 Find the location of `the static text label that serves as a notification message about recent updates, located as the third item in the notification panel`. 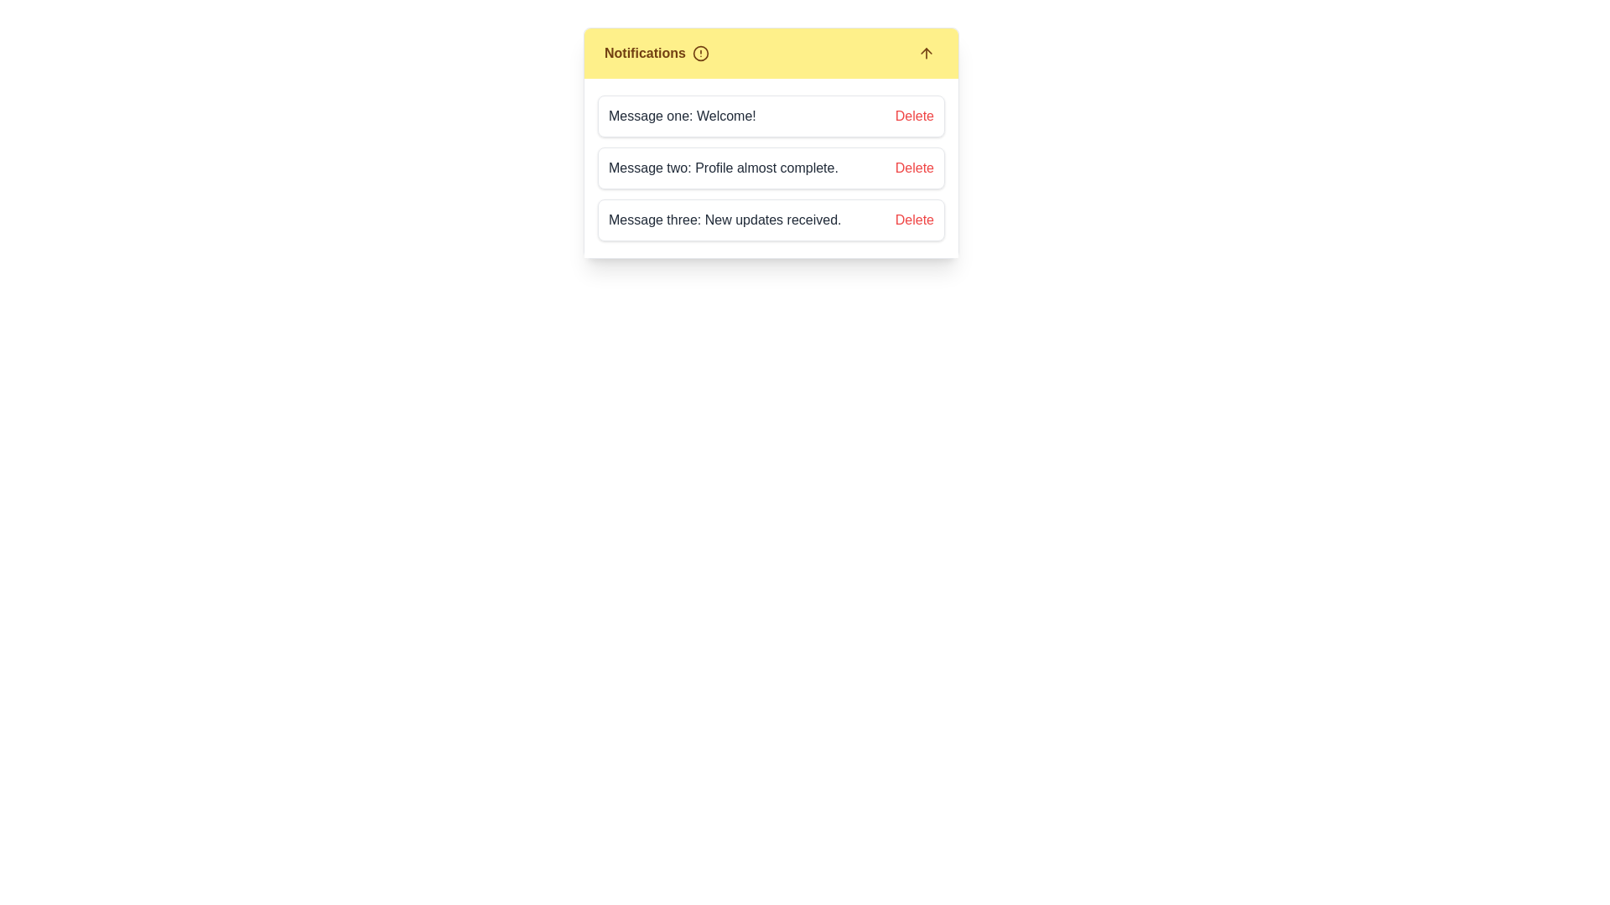

the static text label that serves as a notification message about recent updates, located as the third item in the notification panel is located at coordinates (728, 219).